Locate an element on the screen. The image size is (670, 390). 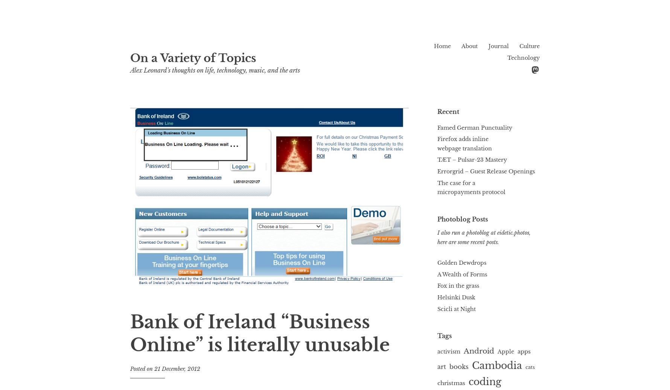
'Photoblog Posts' is located at coordinates (462, 219).